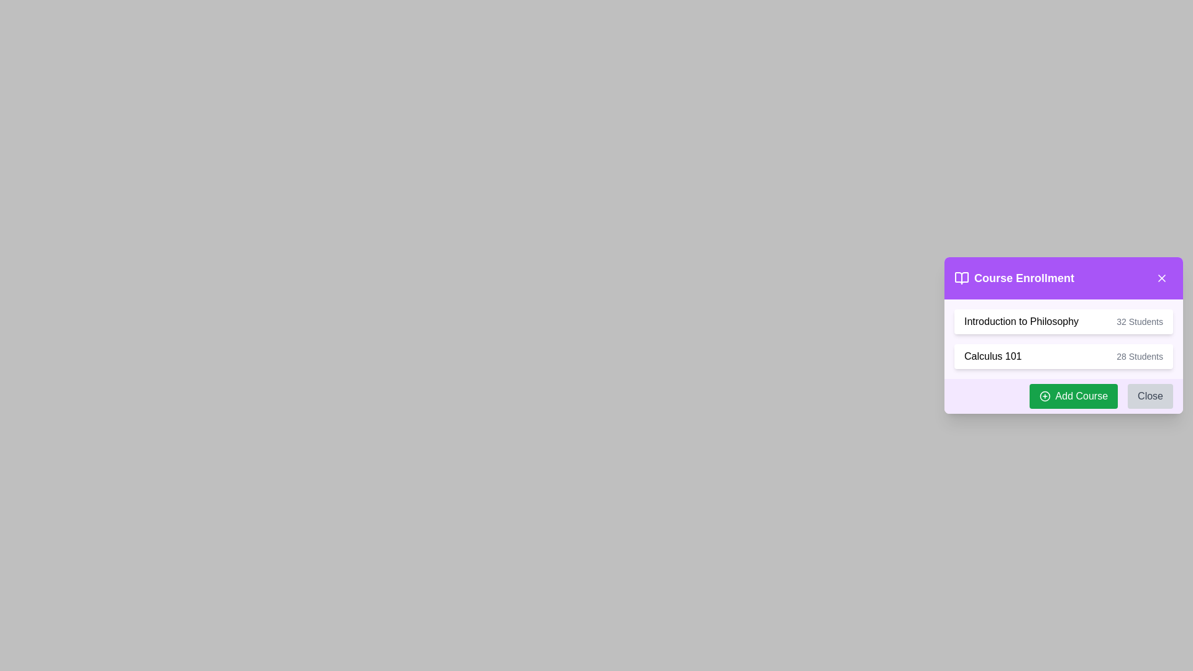 This screenshot has height=671, width=1193. Describe the element at coordinates (1072, 396) in the screenshot. I see `the green 'Add Course' button with white text and a plus icon, located in the 'Course Enrollment' section to initiate adding a course` at that location.